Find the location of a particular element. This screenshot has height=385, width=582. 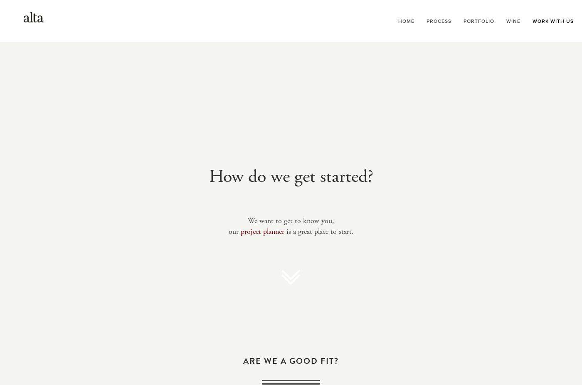

'p' is located at coordinates (242, 231).